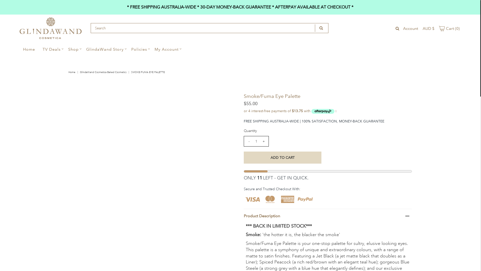 This screenshot has width=481, height=271. Describe the element at coordinates (428, 28) in the screenshot. I see `'AUD $'` at that location.